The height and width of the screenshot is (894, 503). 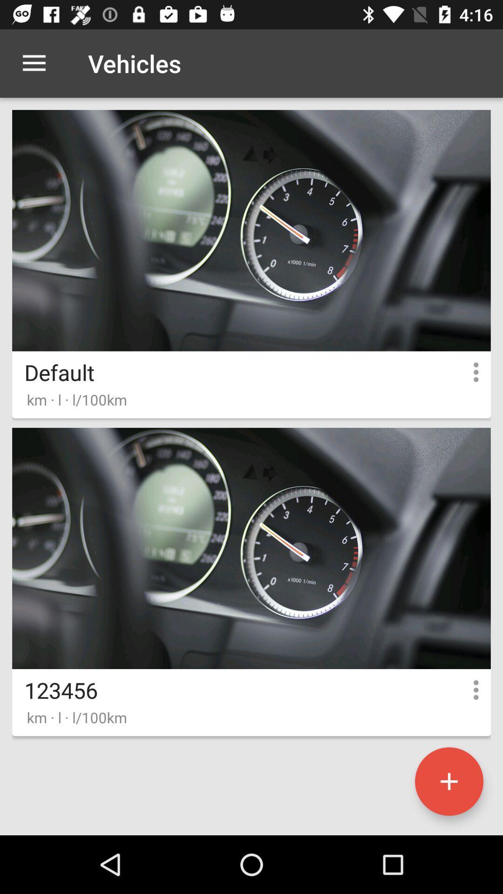 What do you see at coordinates (449, 781) in the screenshot?
I see `it is used to add some more data` at bounding box center [449, 781].